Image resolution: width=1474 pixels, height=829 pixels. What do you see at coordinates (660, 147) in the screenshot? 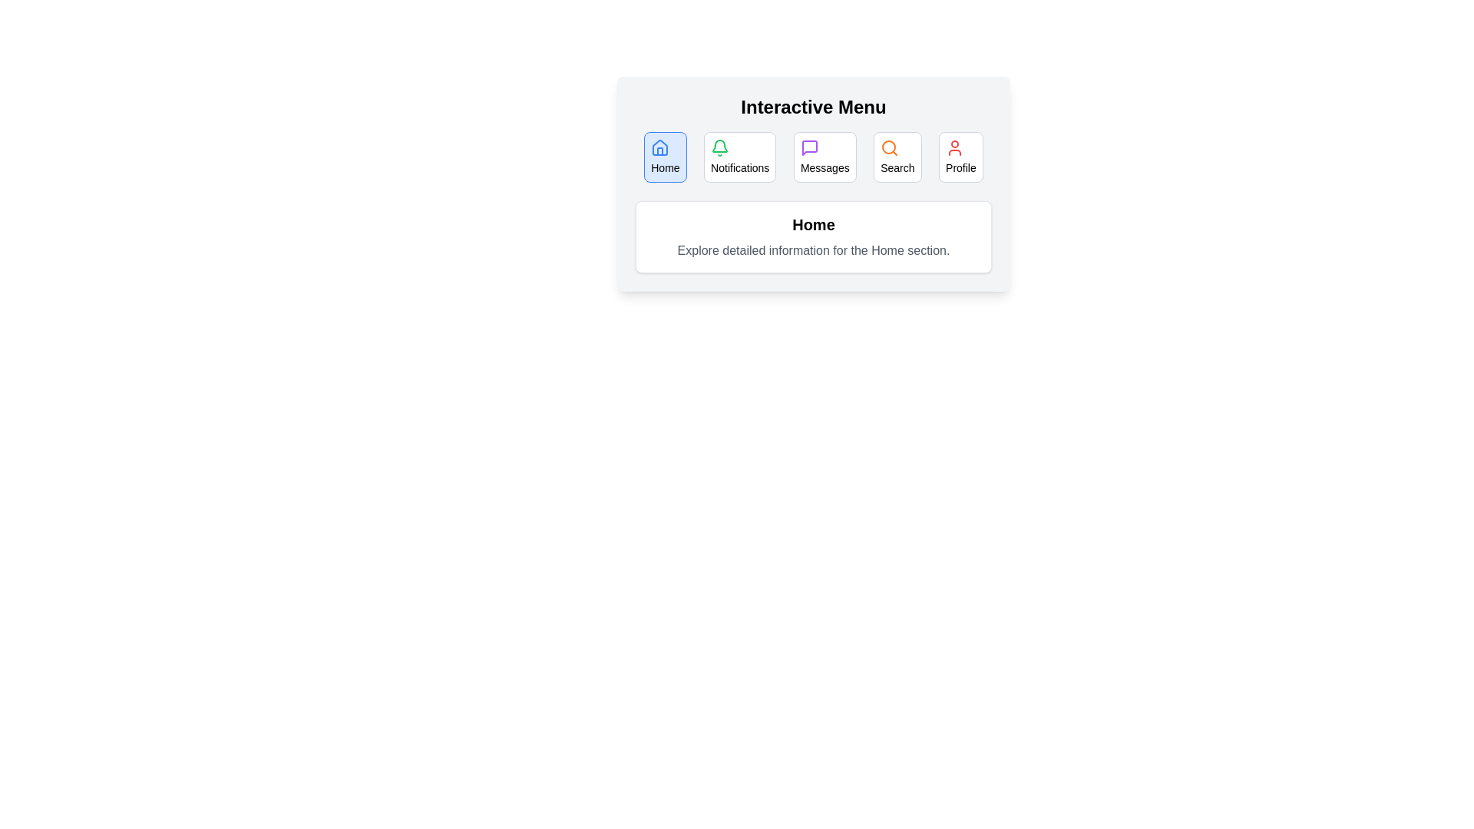
I see `the 'Home' button in the navigation menu, which contains the visual identifier icon for home functionality` at bounding box center [660, 147].